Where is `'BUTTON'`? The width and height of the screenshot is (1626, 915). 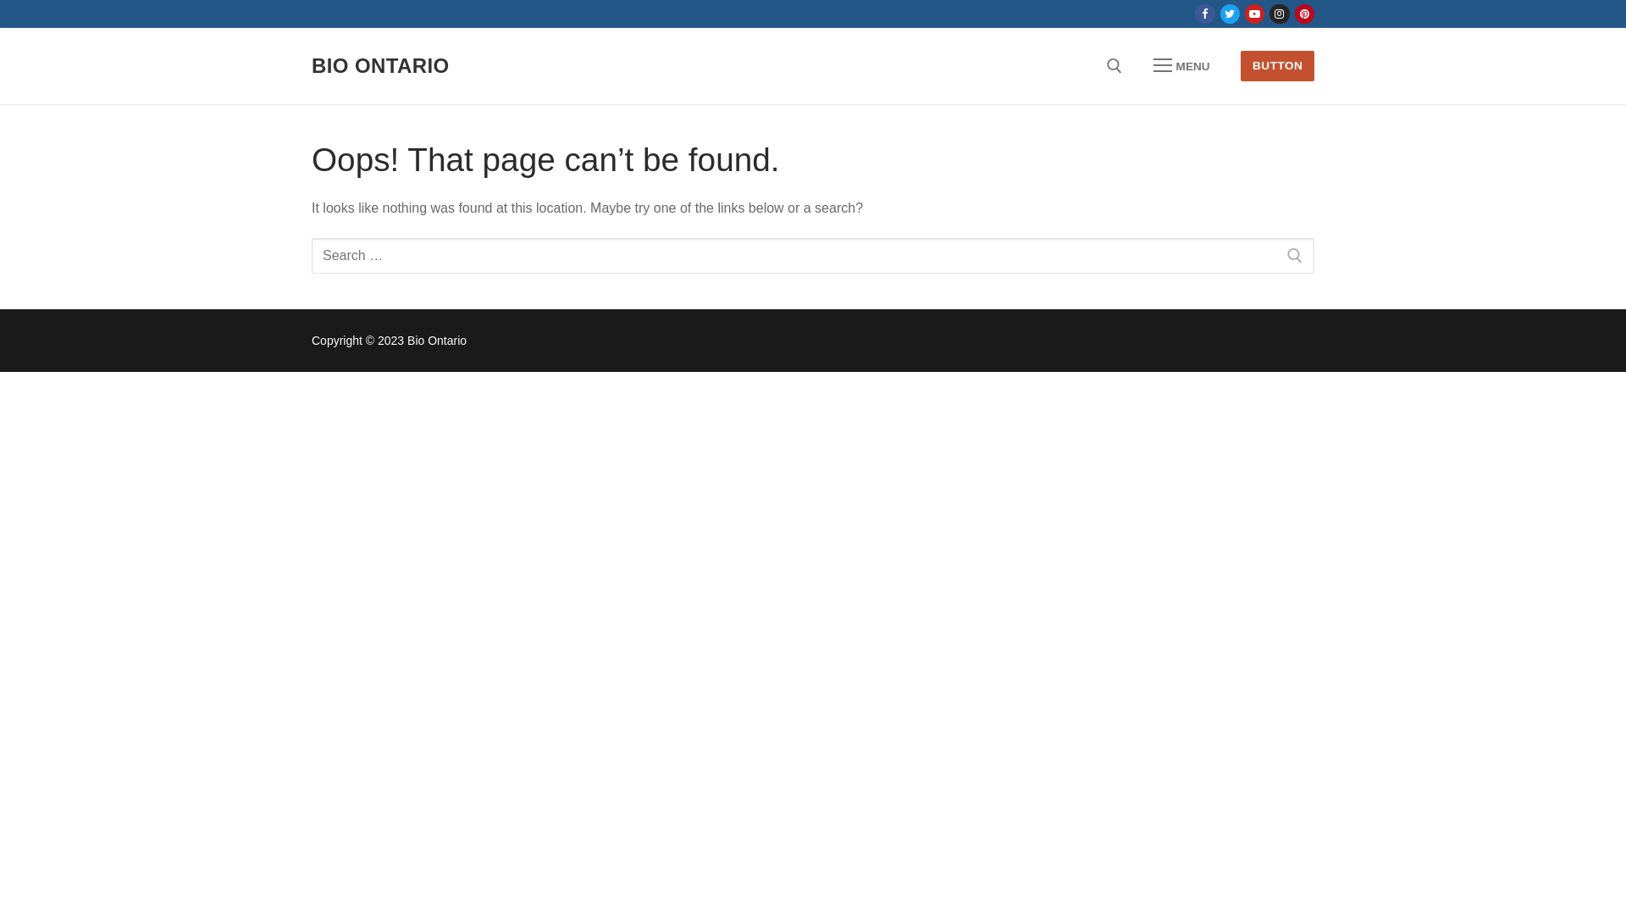 'BUTTON' is located at coordinates (1277, 65).